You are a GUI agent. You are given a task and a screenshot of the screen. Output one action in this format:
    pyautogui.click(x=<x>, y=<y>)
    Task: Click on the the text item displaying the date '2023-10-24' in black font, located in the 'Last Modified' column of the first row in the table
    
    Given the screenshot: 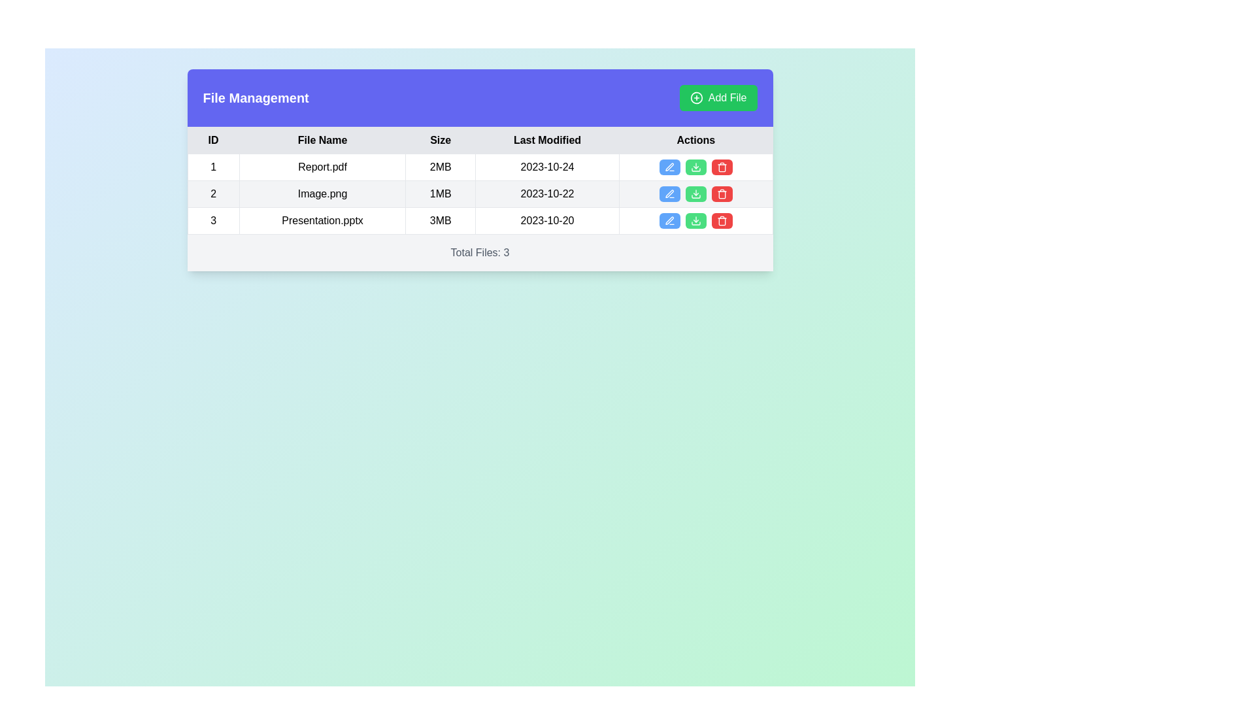 What is the action you would take?
    pyautogui.click(x=547, y=166)
    